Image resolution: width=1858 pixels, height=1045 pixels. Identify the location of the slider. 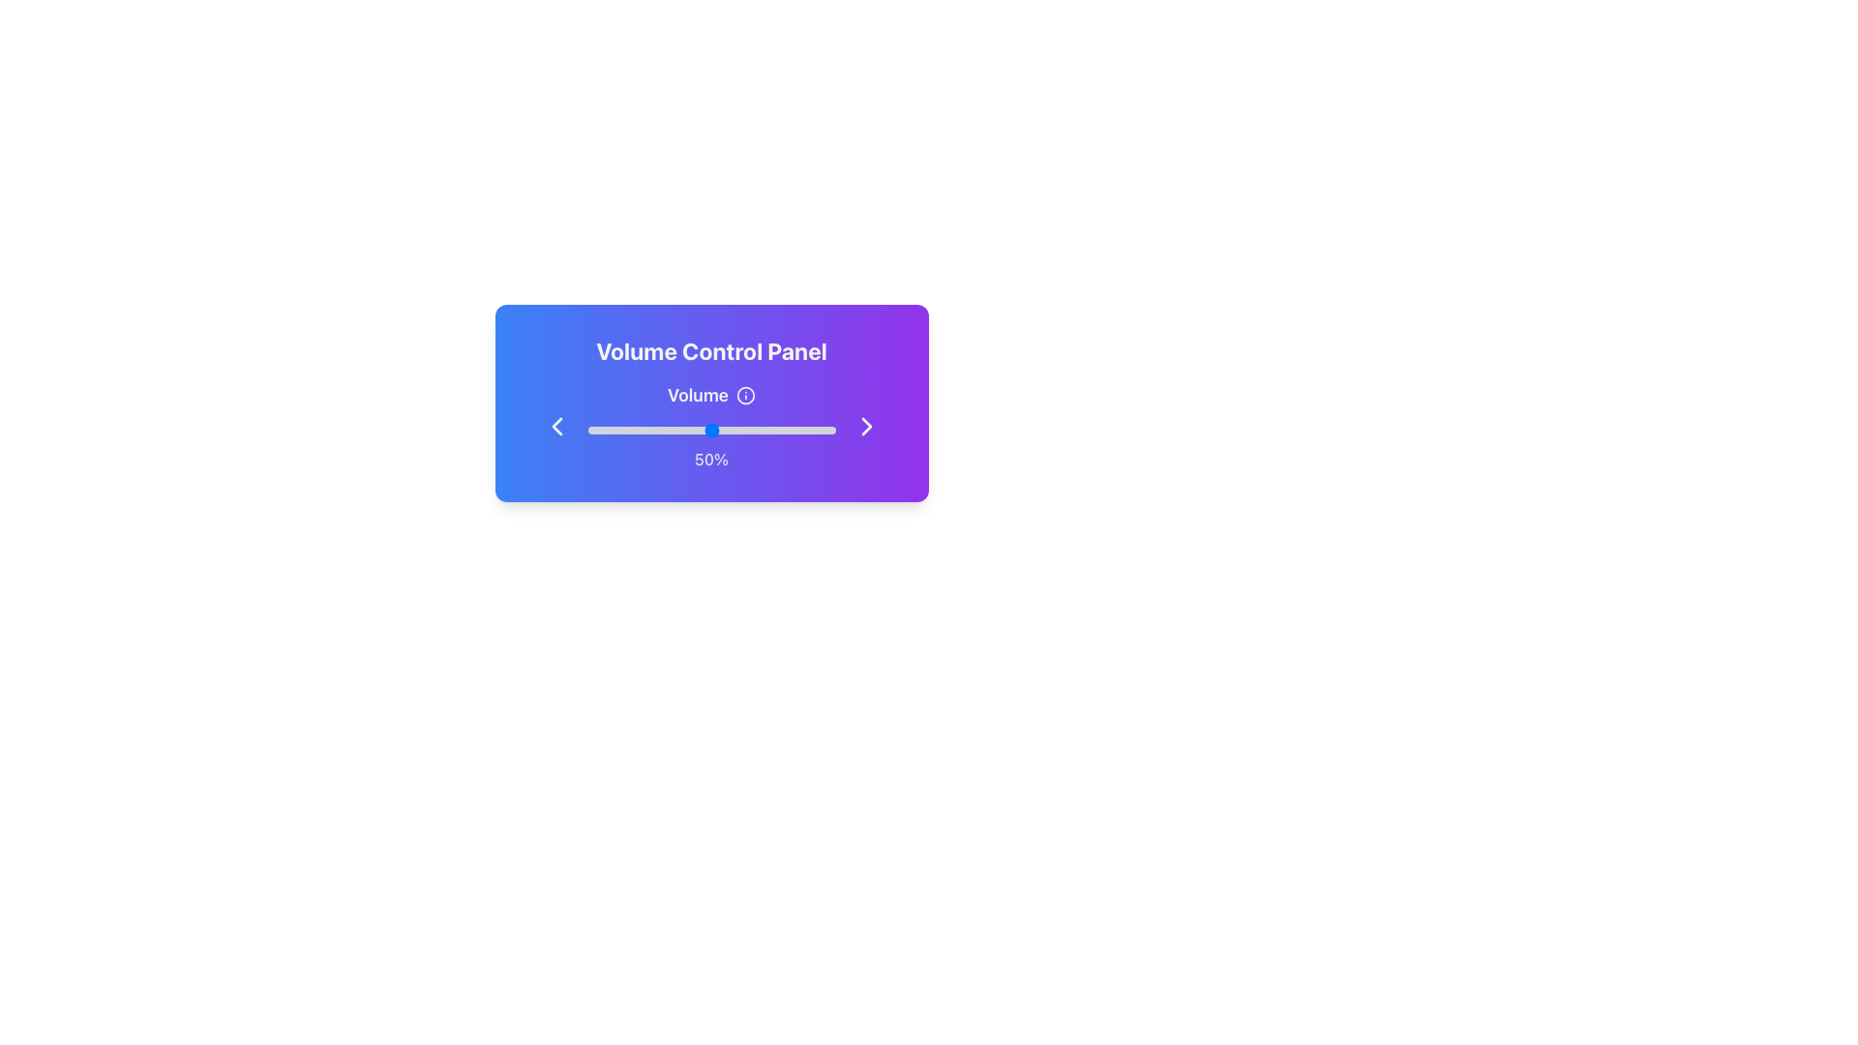
(808, 429).